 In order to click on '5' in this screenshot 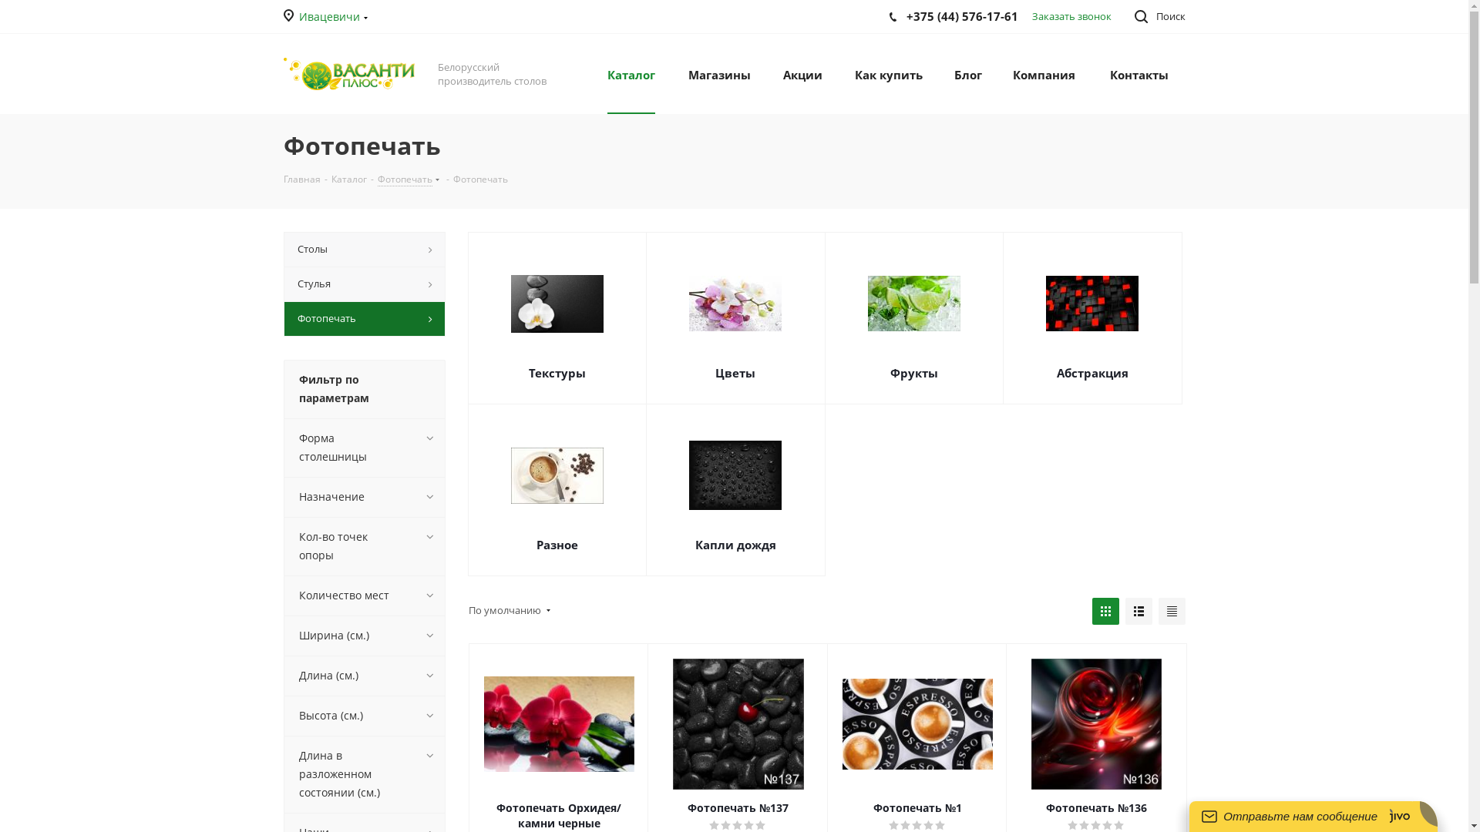, I will do `click(934, 825)`.